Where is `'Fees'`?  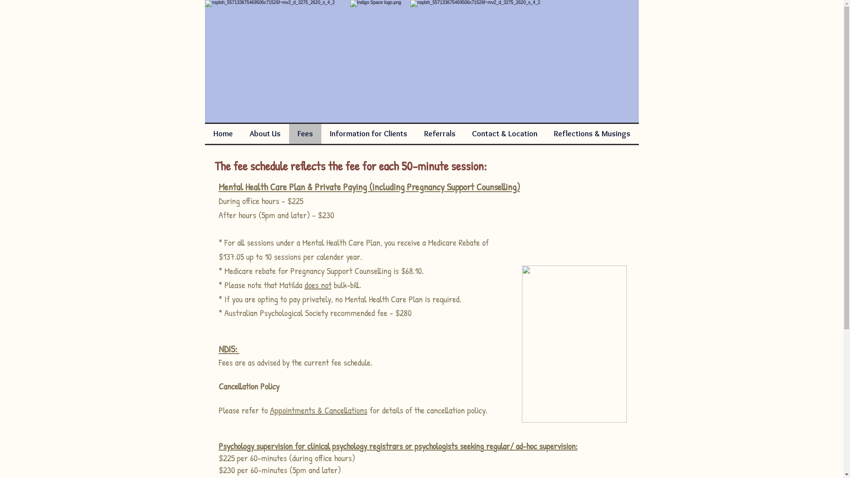 'Fees' is located at coordinates (305, 134).